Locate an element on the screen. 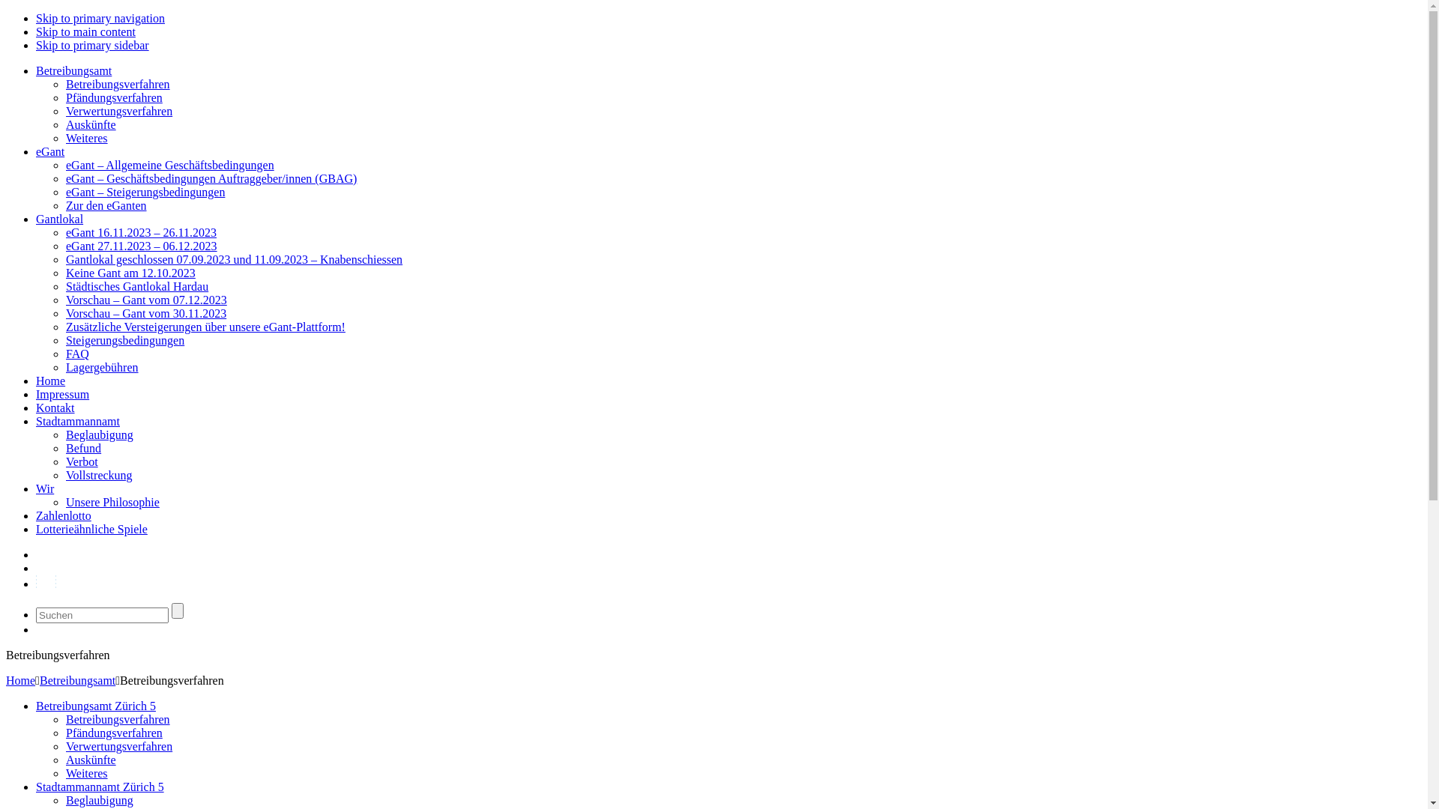  'Beglaubigung' is located at coordinates (99, 799).